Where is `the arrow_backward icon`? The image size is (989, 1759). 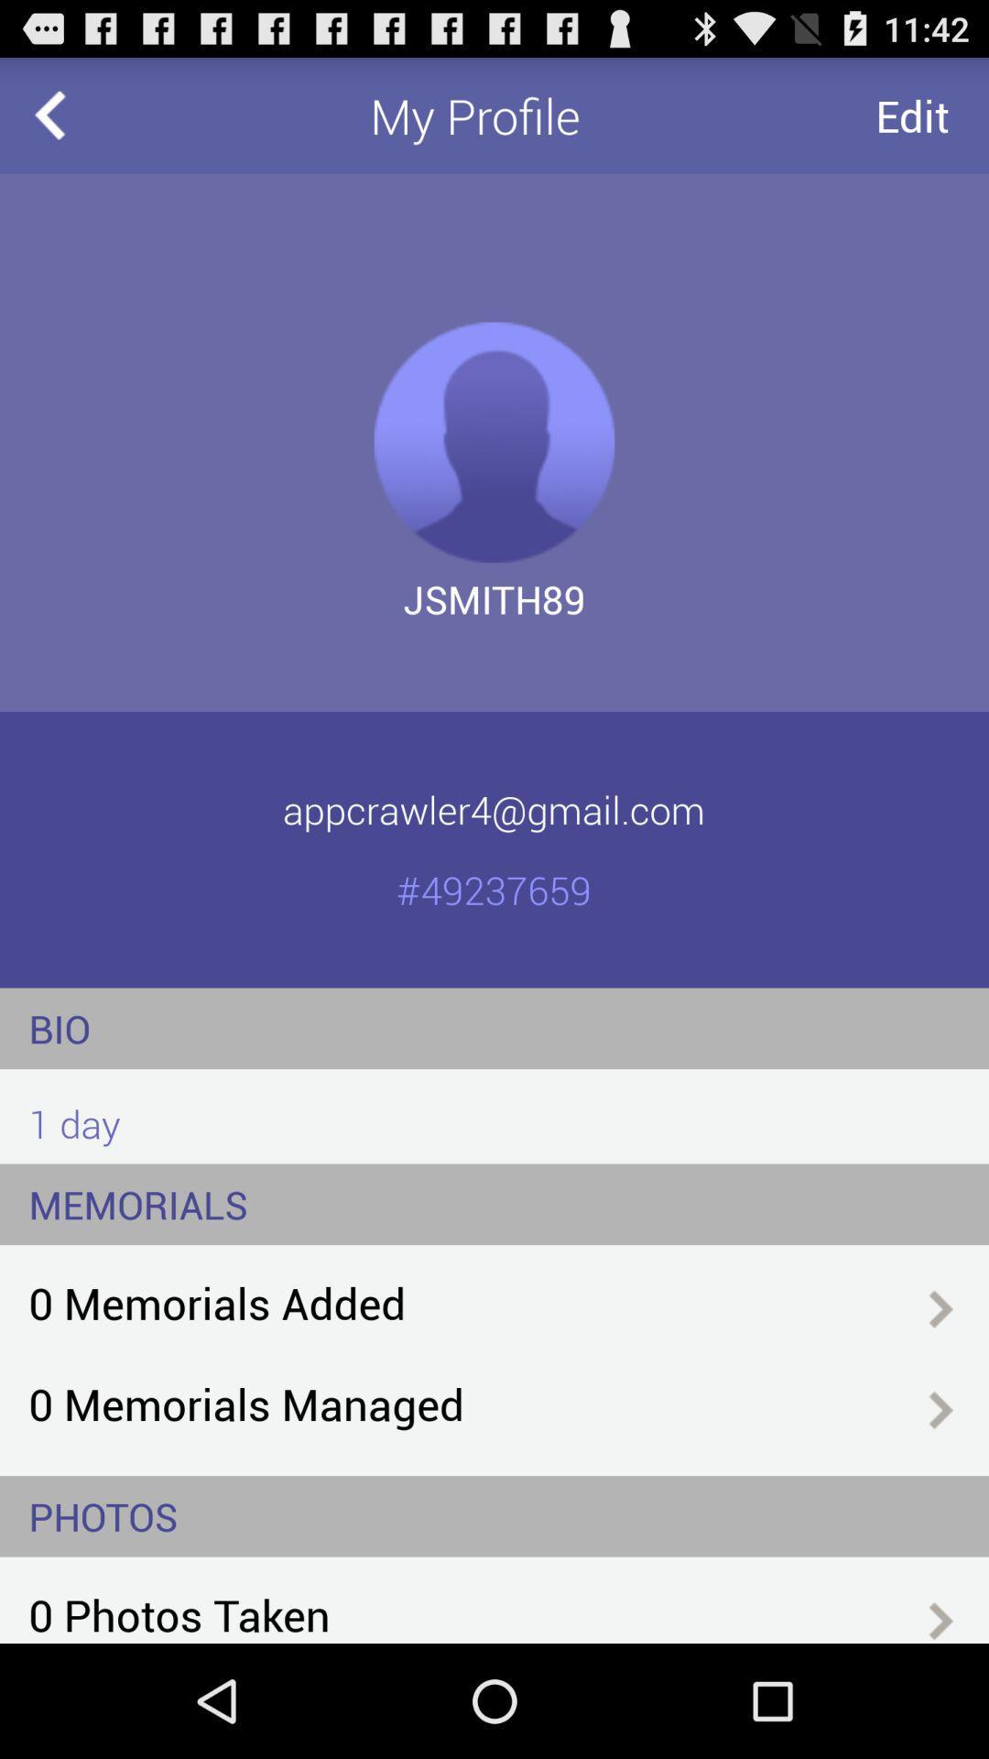 the arrow_backward icon is located at coordinates (56, 122).